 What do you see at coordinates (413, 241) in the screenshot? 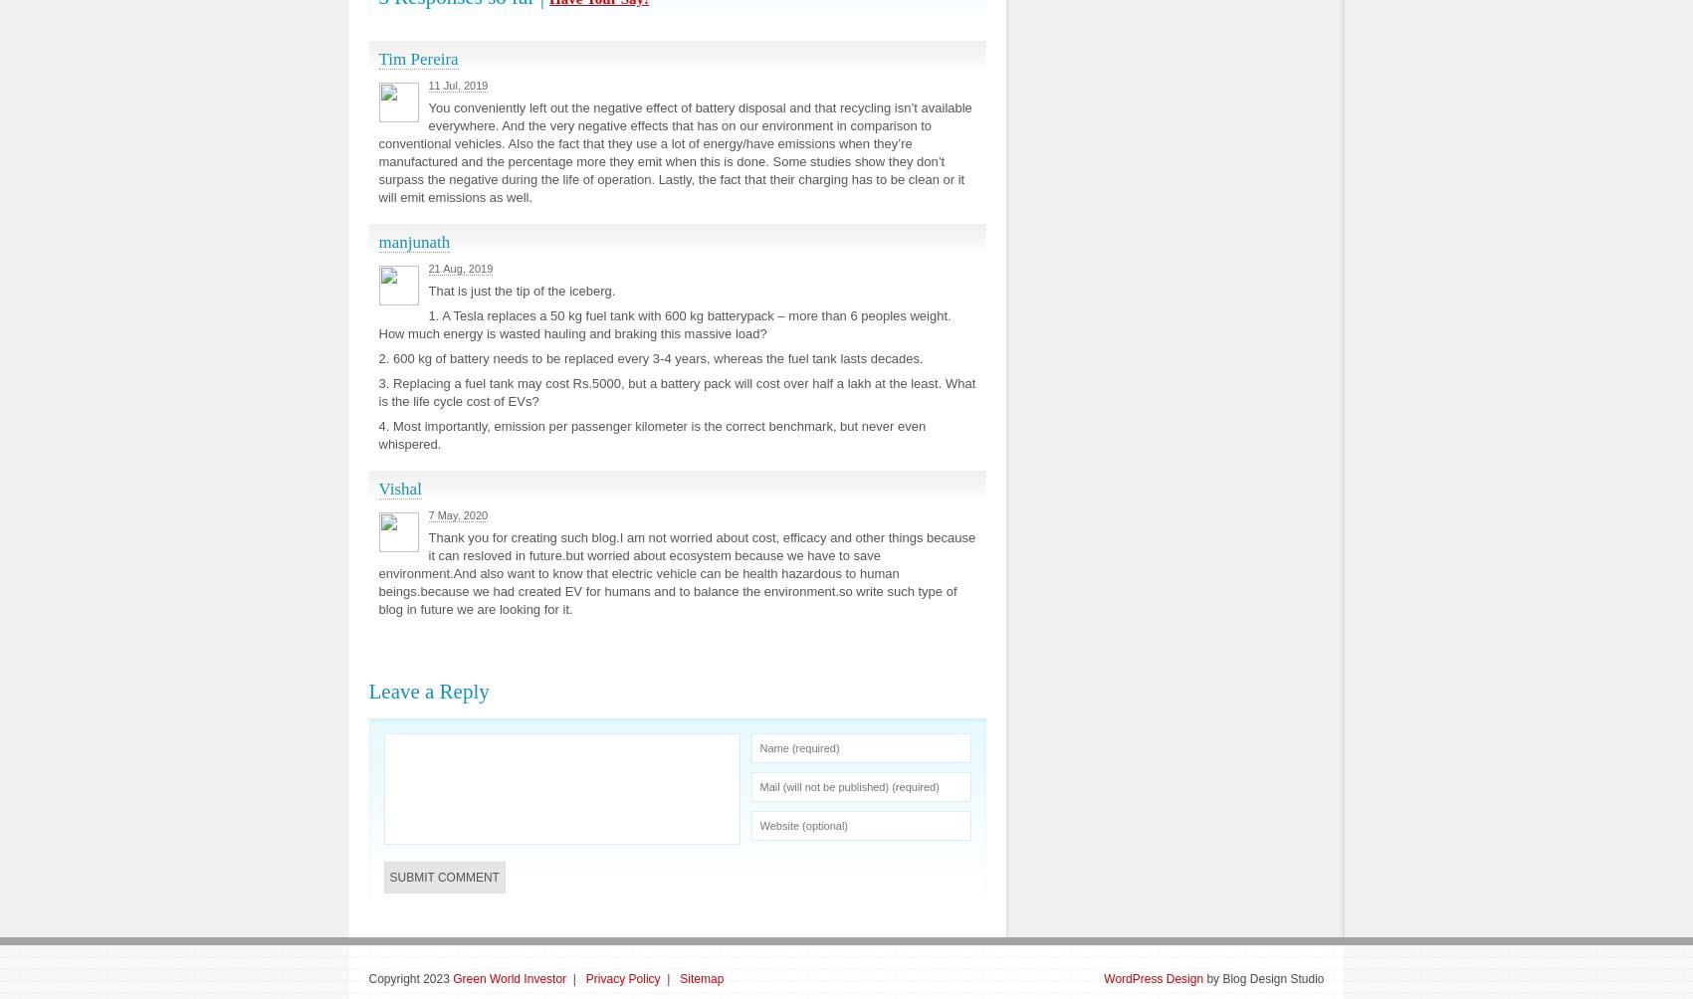
I see `'manjunath'` at bounding box center [413, 241].